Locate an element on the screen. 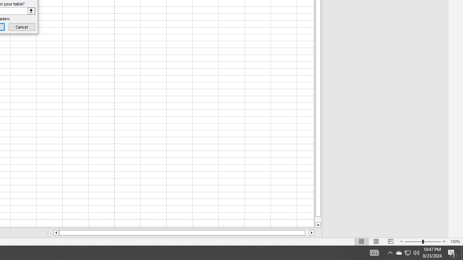 The image size is (463, 260). 'Page right' is located at coordinates (307, 233).